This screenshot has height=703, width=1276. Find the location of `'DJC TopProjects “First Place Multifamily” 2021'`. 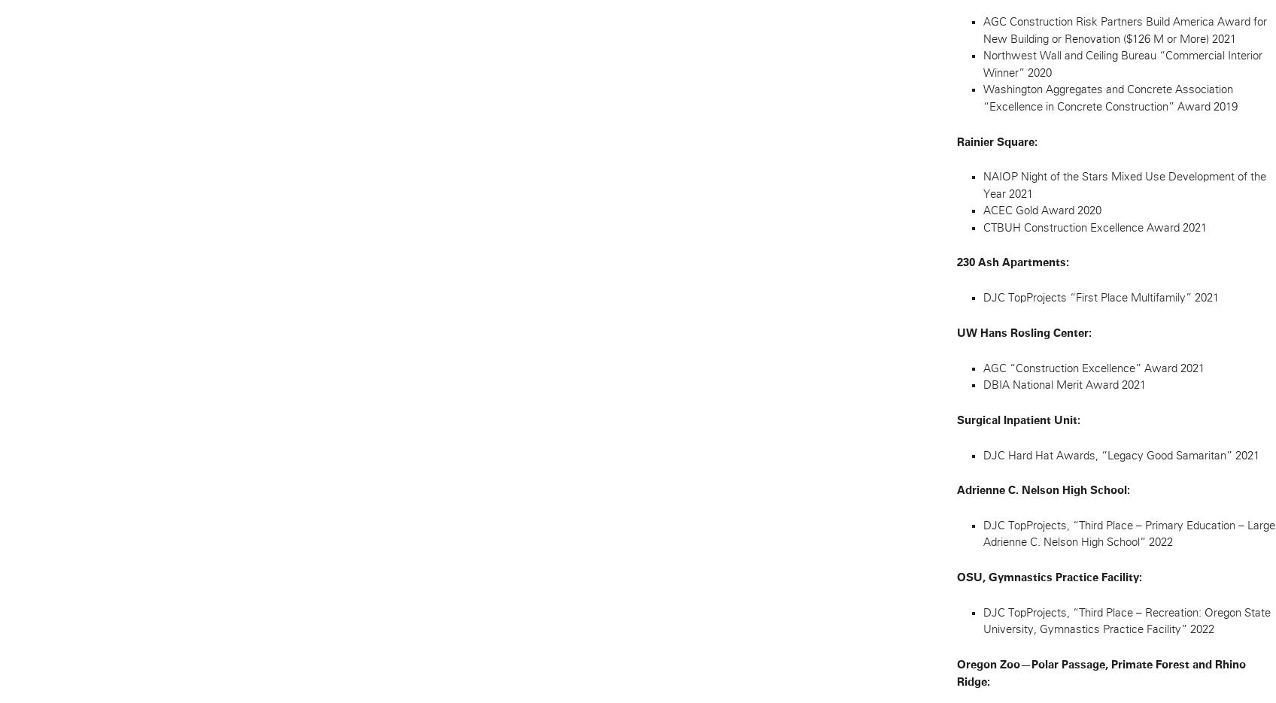

'DJC TopProjects “First Place Multifamily” 2021' is located at coordinates (1100, 298).